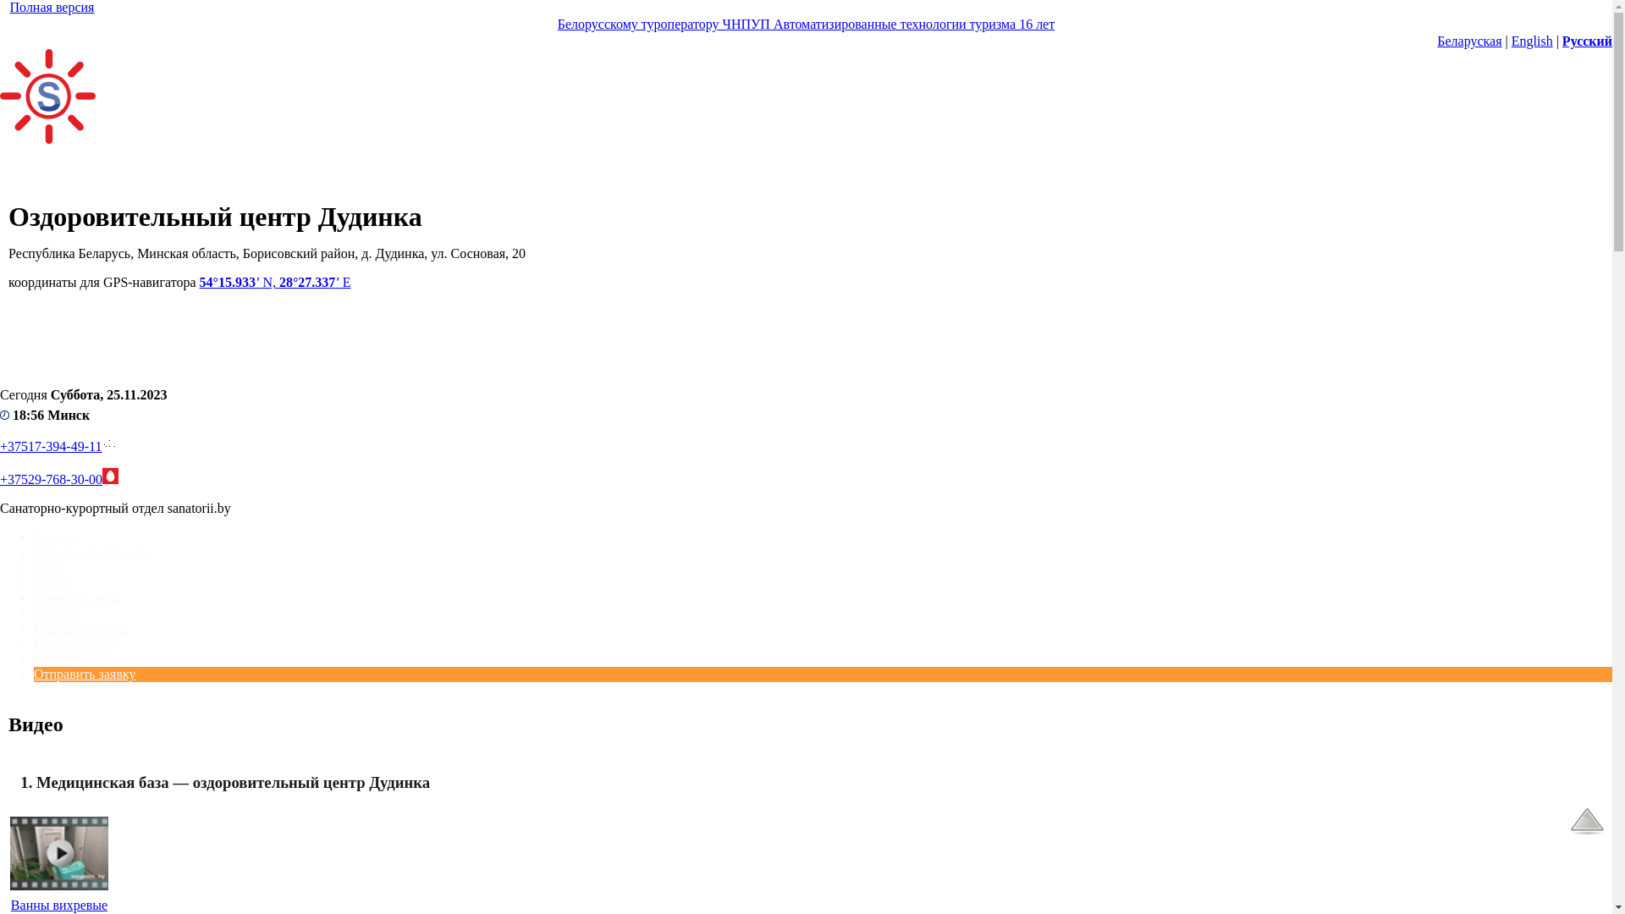 Image resolution: width=1625 pixels, height=914 pixels. What do you see at coordinates (50, 445) in the screenshot?
I see `'+37517-394-49-11'` at bounding box center [50, 445].